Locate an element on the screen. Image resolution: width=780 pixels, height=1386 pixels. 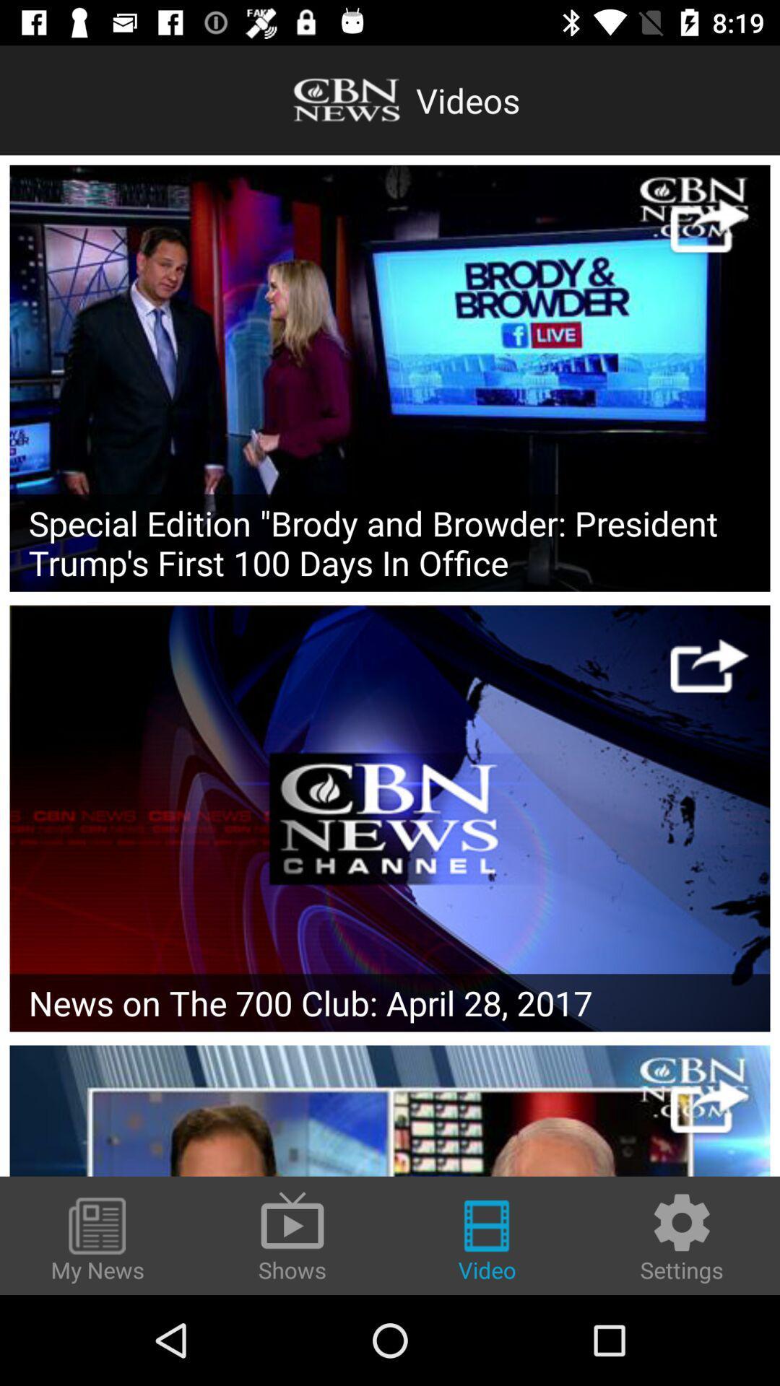
the item to the right of video is located at coordinates (682, 1236).